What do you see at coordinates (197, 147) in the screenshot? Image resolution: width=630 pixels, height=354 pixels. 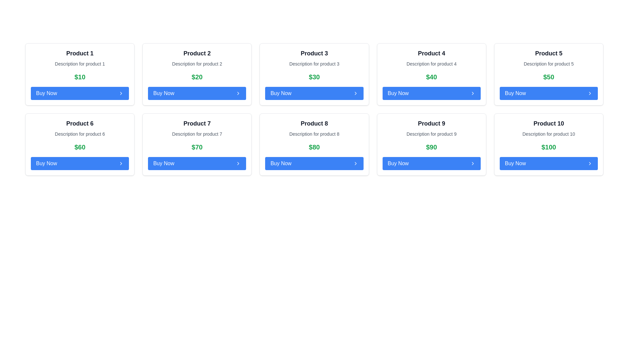 I see `the static text displaying the price label '$70', which is prominently styled in bold green font and positioned centrally below the 'Product 7' description and above the 'Buy Now' button` at bounding box center [197, 147].